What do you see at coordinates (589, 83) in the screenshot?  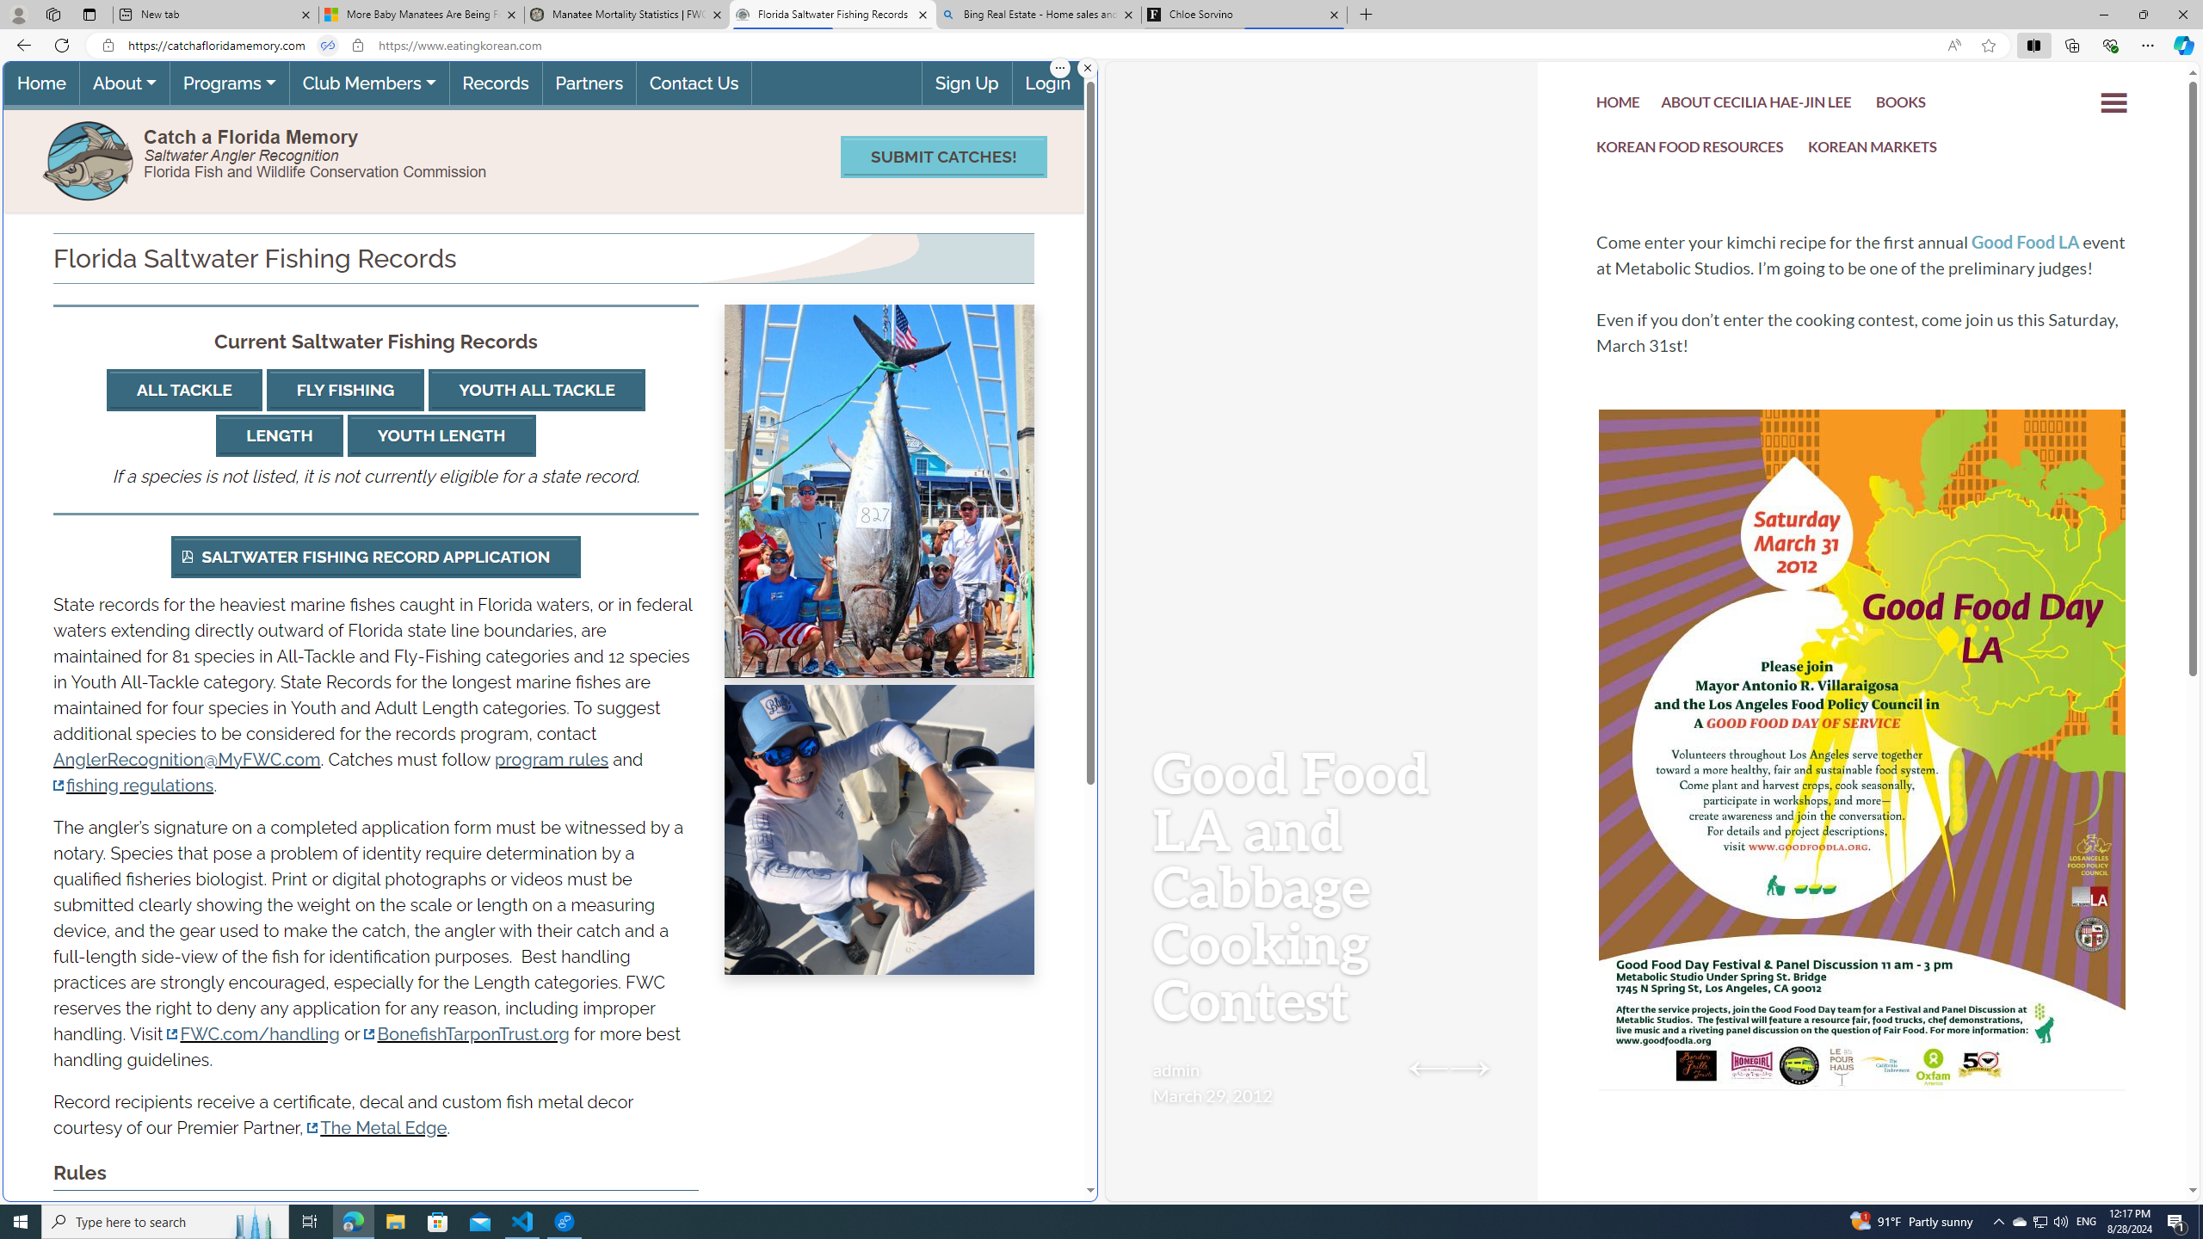 I see `'Partners'` at bounding box center [589, 83].